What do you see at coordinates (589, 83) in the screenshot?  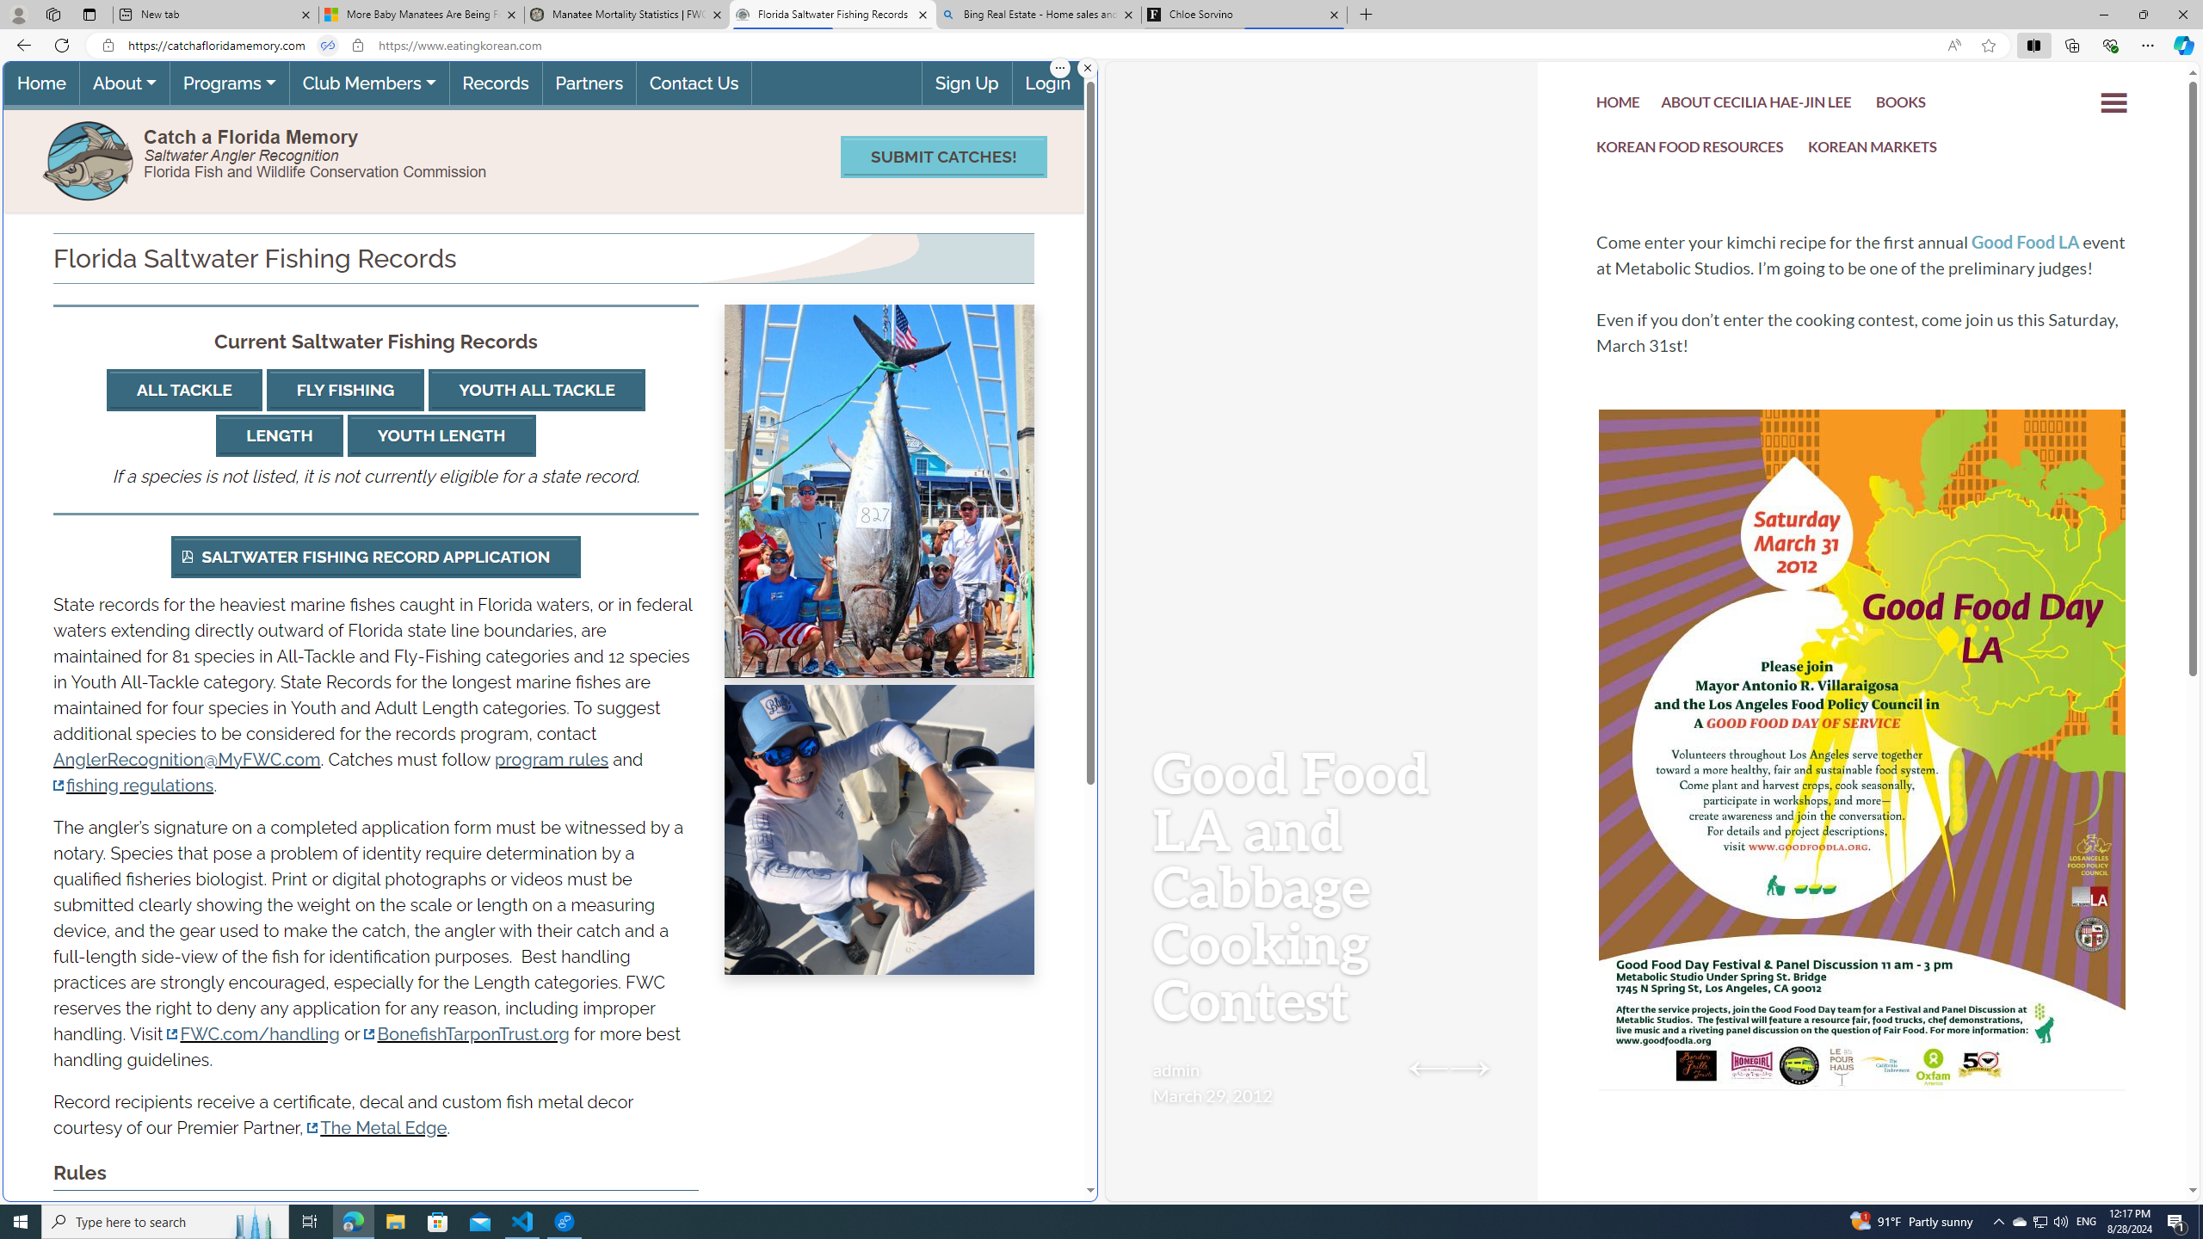 I see `'Partners'` at bounding box center [589, 83].